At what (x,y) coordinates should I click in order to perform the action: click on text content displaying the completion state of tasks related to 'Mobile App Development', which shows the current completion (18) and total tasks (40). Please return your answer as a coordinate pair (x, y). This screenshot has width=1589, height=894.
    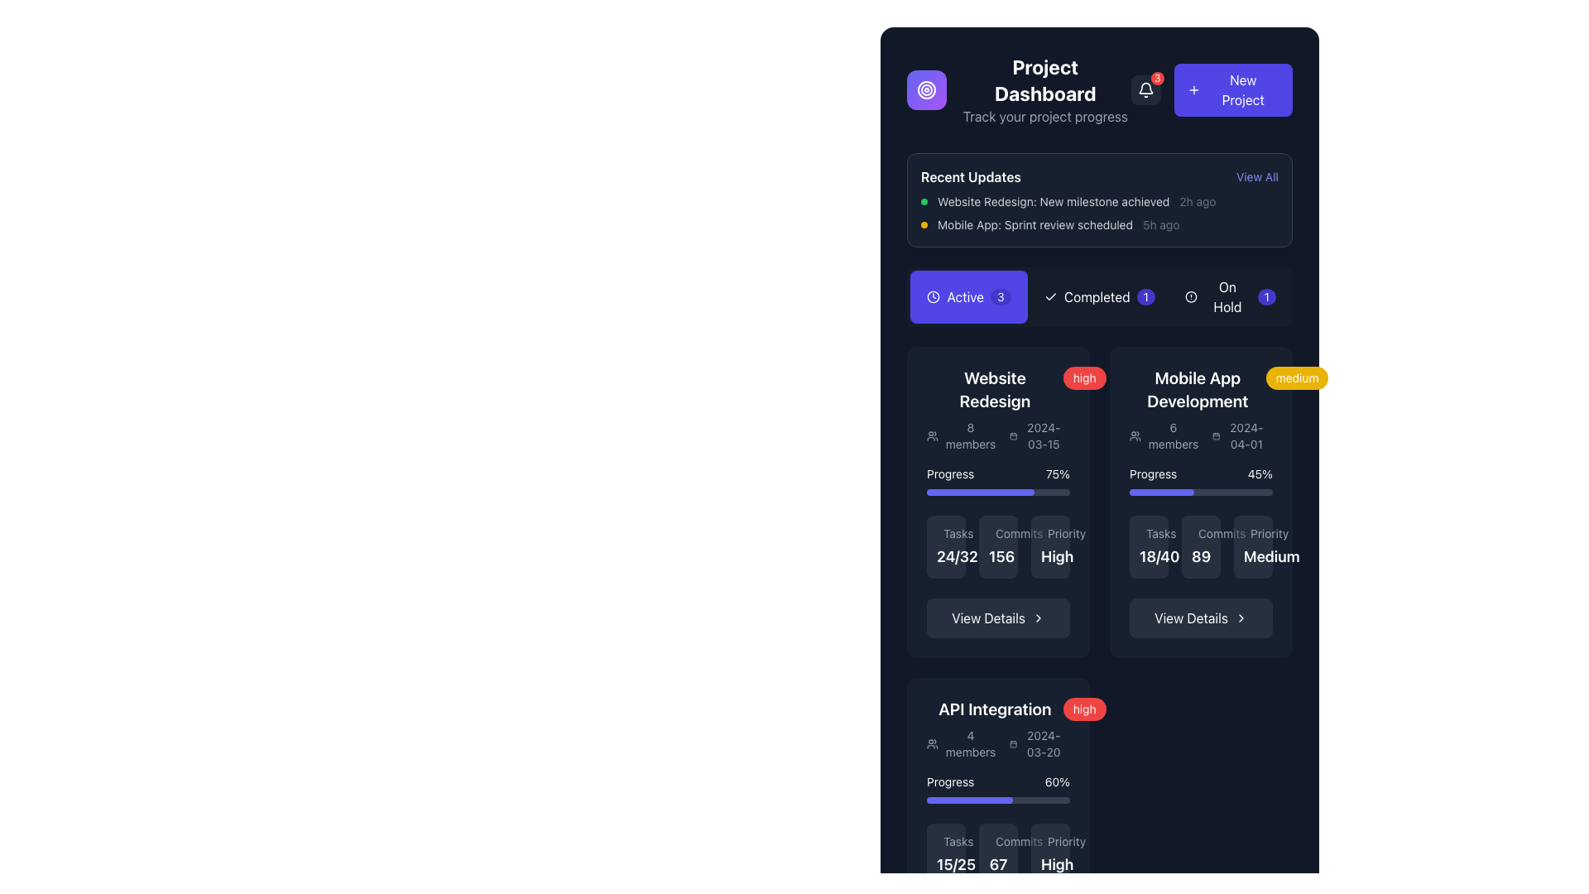
    Looking at the image, I should click on (1148, 546).